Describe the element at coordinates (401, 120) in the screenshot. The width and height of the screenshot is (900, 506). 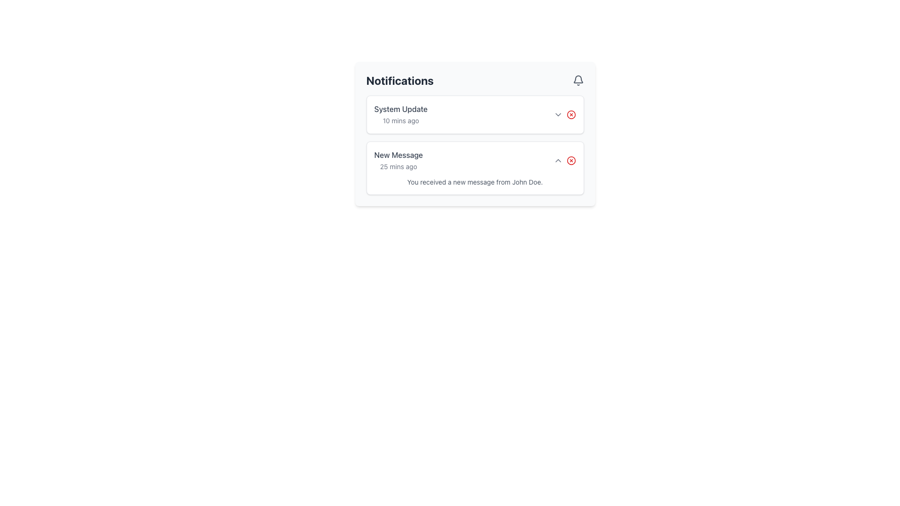
I see `the informational text label indicating the time elapsed since the 'System Update' event, which is located directly below the 'System Update' title in the Notifications module` at that location.